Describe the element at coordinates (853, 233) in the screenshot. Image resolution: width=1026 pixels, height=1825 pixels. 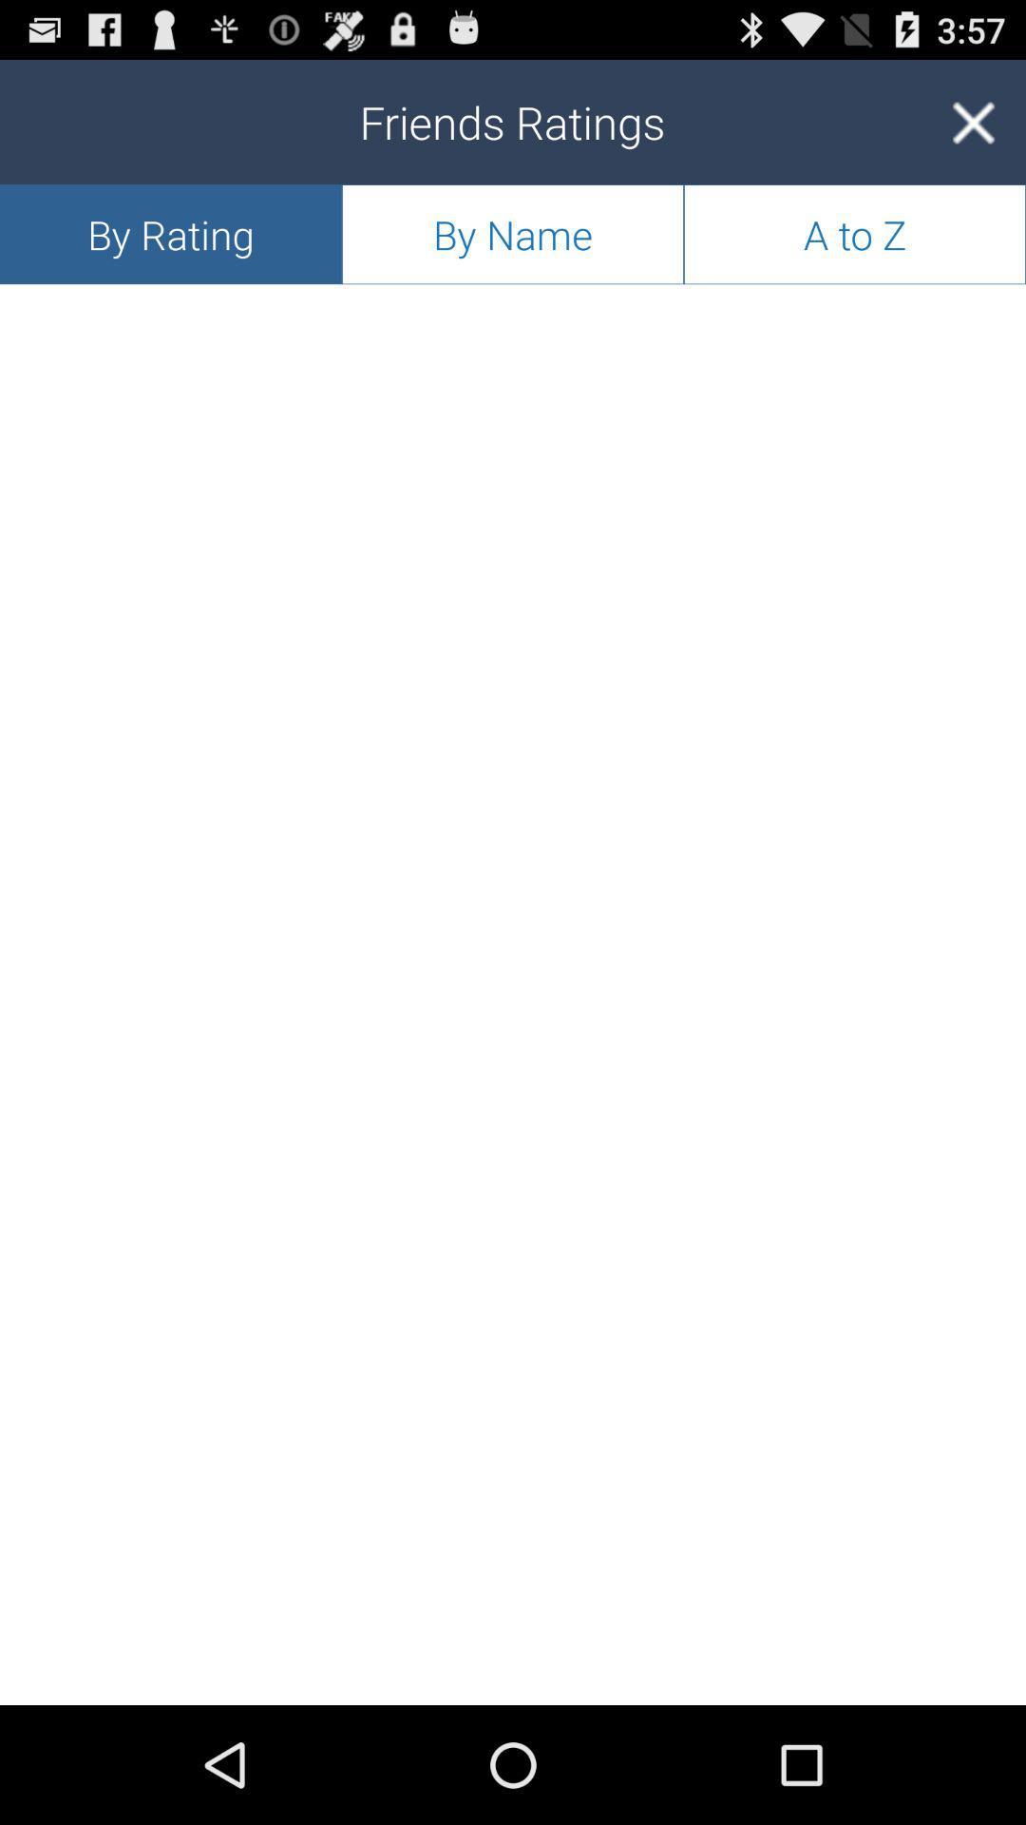
I see `the app next to the by name icon` at that location.